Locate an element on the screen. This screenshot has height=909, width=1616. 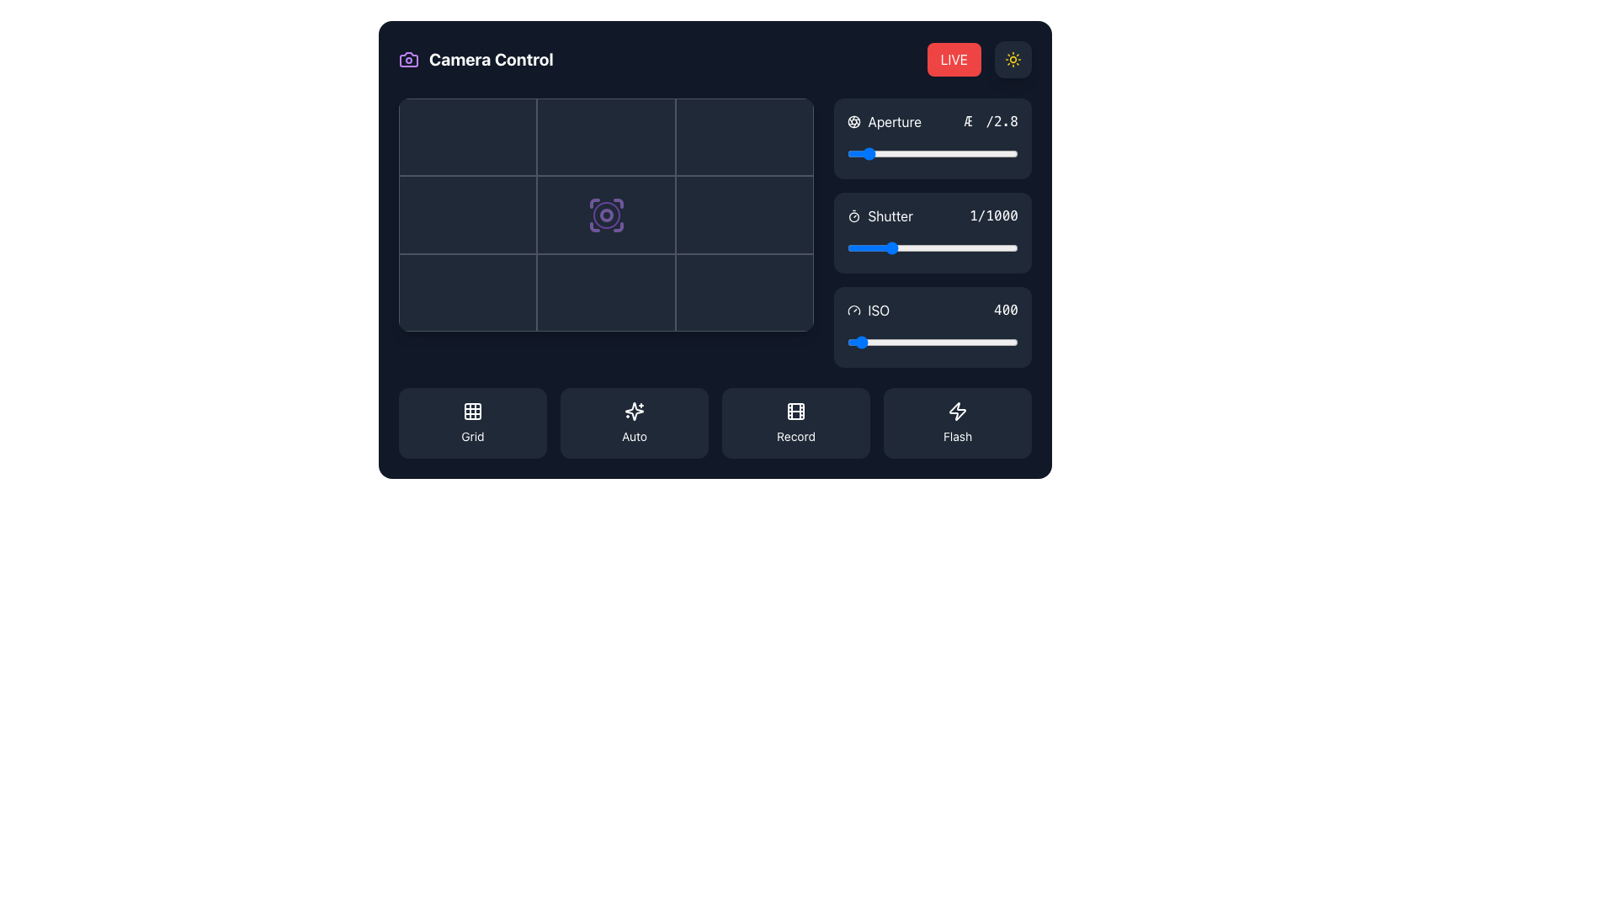
the rectangular segment in the bottom-right corner of the 3x3 grid layout with a dark background and light-colored border is located at coordinates (744, 292).